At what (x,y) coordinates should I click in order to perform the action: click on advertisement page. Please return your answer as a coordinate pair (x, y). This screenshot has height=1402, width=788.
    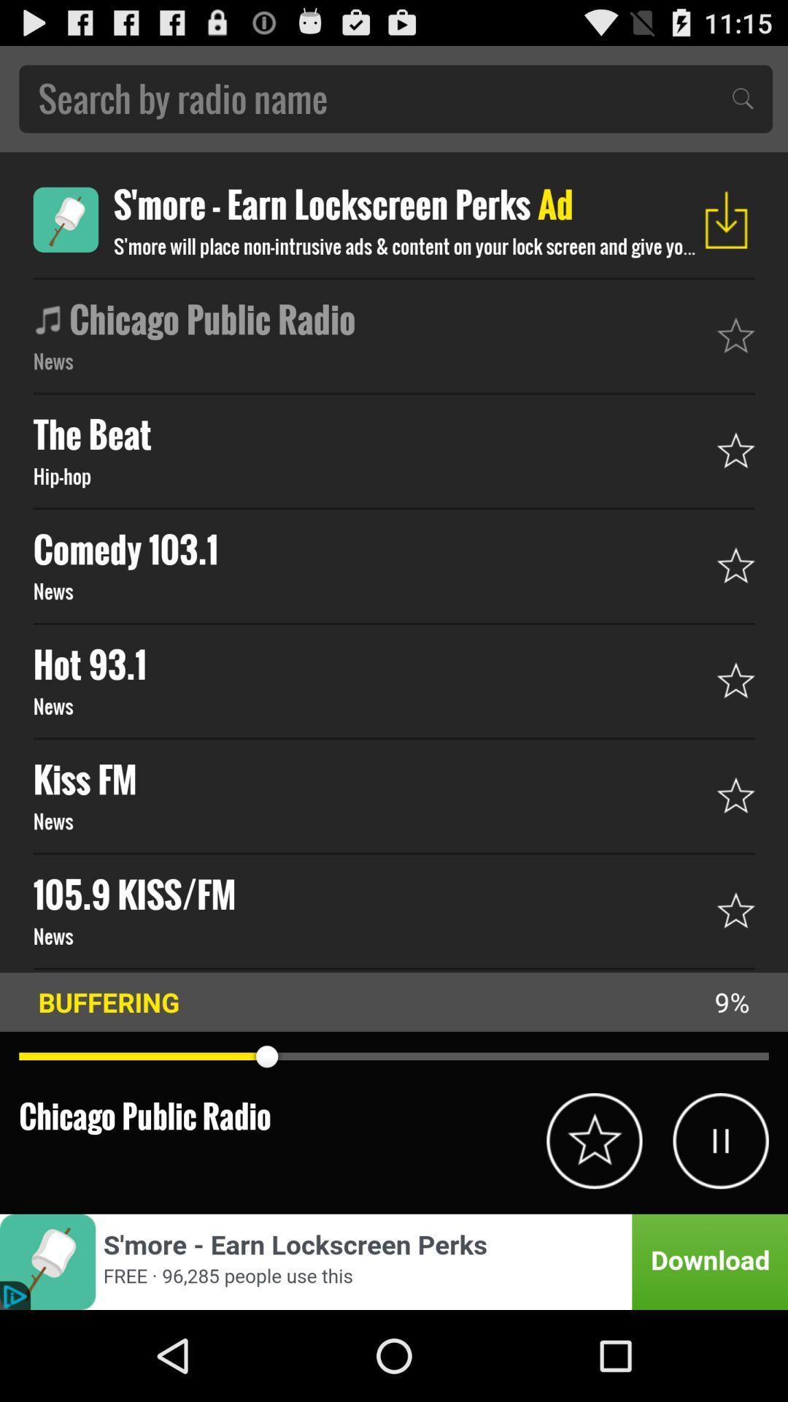
    Looking at the image, I should click on (394, 1261).